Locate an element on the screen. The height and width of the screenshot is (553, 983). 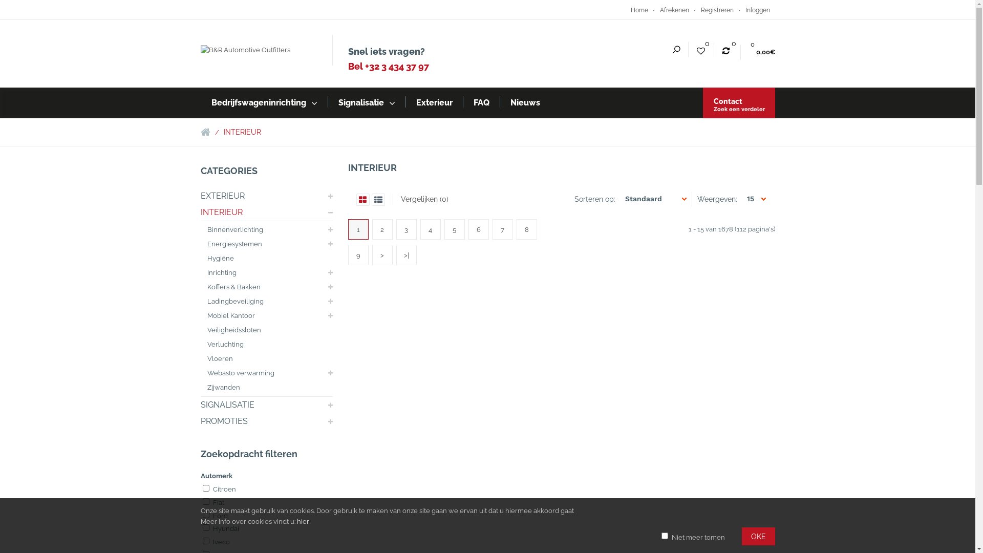
'2' is located at coordinates (382, 228).